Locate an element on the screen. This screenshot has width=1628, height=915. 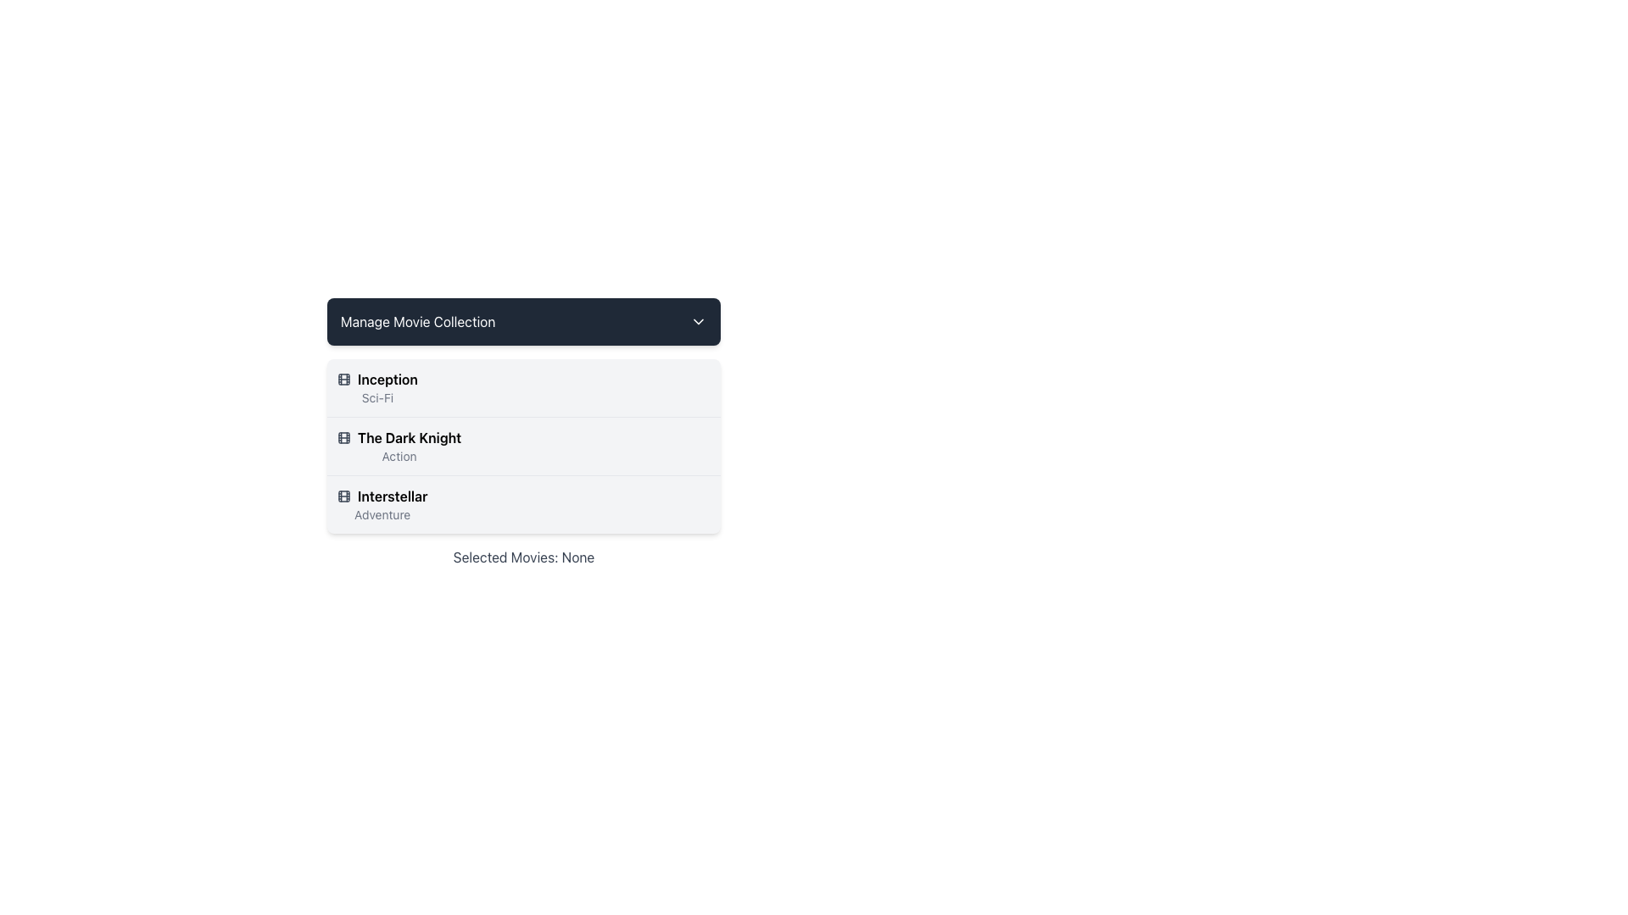
to select the movie entry titled 'Inception' in the movie list below the header 'Manage Movie Collection' is located at coordinates (376, 388).